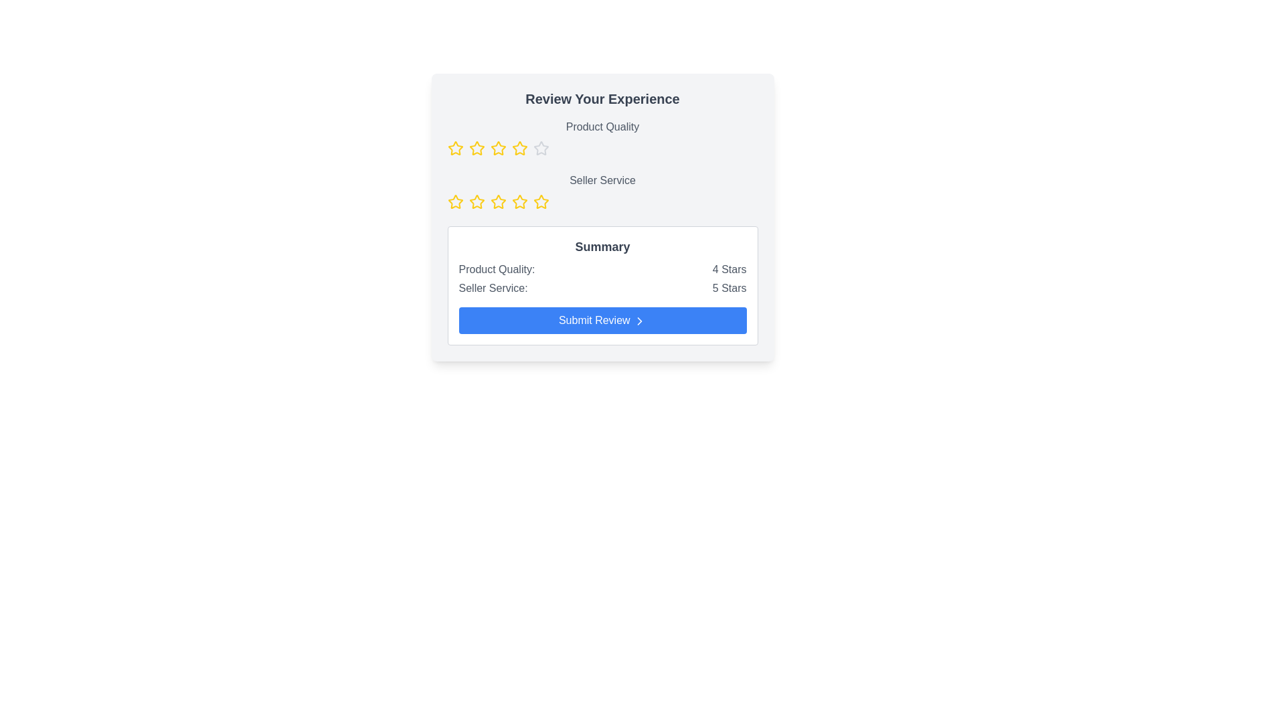 The height and width of the screenshot is (723, 1285). What do you see at coordinates (602, 127) in the screenshot?
I see `the 'Product Quality' label, which is positioned at the top of the card section, above the rating stars and below the 'Review Your Experience' heading` at bounding box center [602, 127].